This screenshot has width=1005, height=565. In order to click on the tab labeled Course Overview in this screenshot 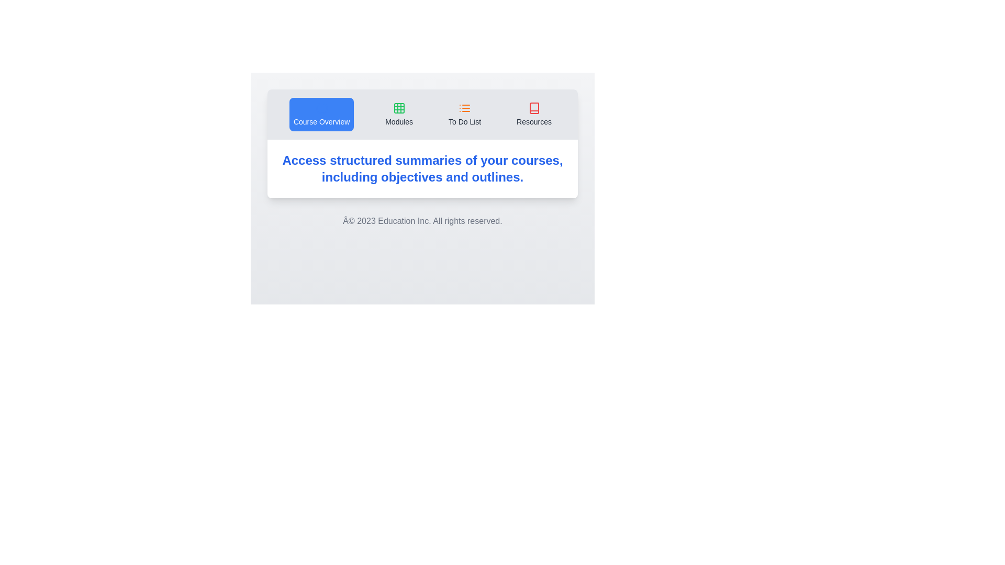, I will do `click(321, 115)`.